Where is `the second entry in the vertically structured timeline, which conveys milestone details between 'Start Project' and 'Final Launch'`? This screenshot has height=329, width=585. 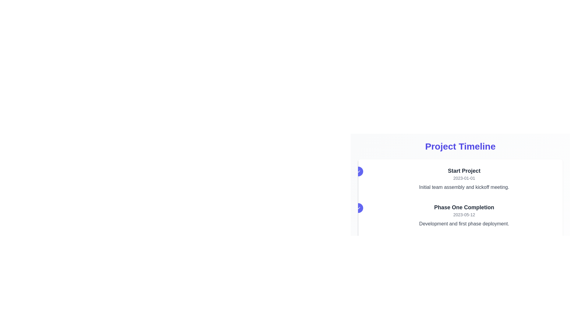 the second entry in the vertically structured timeline, which conveys milestone details between 'Start Project' and 'Final Launch' is located at coordinates (464, 215).